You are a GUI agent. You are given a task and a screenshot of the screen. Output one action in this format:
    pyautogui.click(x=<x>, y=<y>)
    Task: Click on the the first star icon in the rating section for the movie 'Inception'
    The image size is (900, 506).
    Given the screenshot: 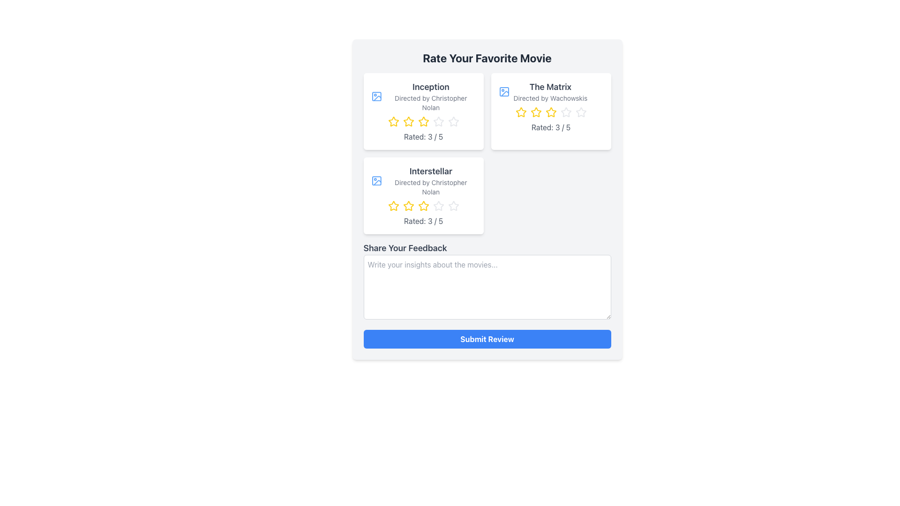 What is the action you would take?
    pyautogui.click(x=393, y=121)
    